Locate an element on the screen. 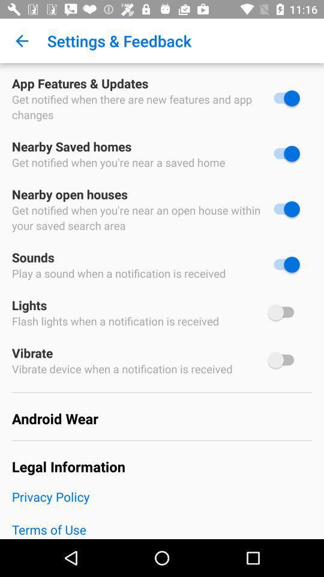 The width and height of the screenshot is (324, 577). vibrate on/off is located at coordinates (283, 360).